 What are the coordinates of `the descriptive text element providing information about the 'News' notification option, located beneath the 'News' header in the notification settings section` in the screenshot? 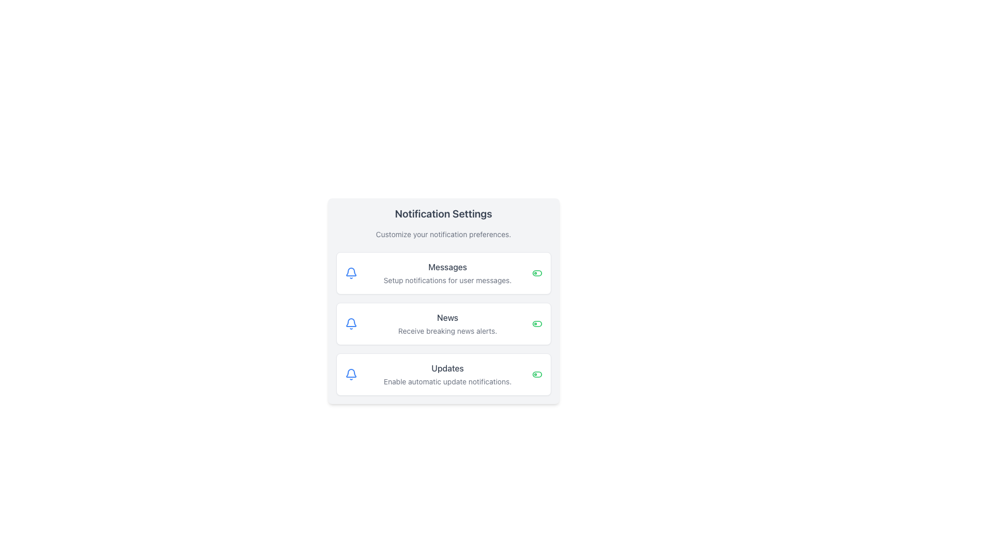 It's located at (447, 331).